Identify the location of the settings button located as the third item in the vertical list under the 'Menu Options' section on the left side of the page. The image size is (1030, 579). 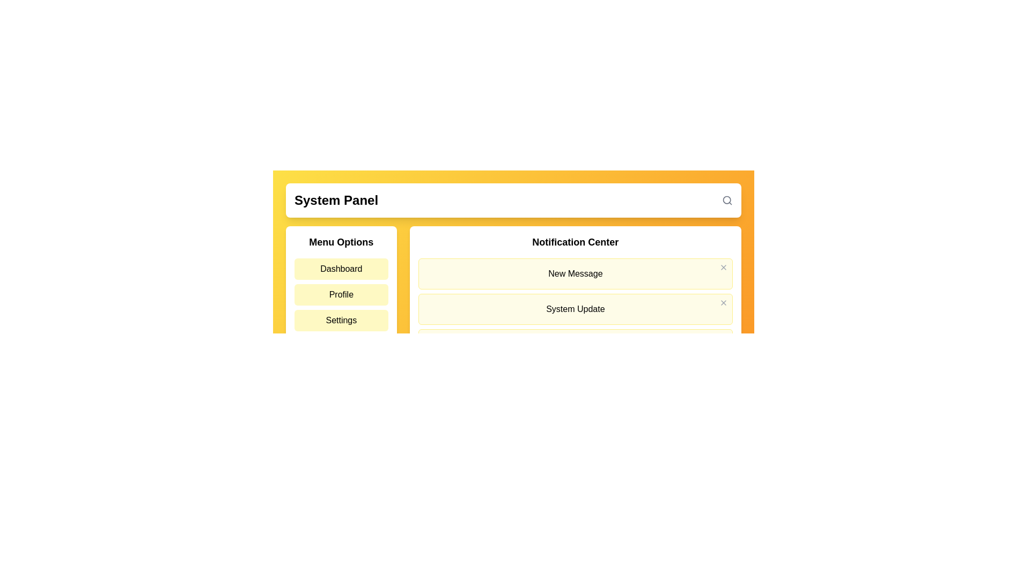
(341, 320).